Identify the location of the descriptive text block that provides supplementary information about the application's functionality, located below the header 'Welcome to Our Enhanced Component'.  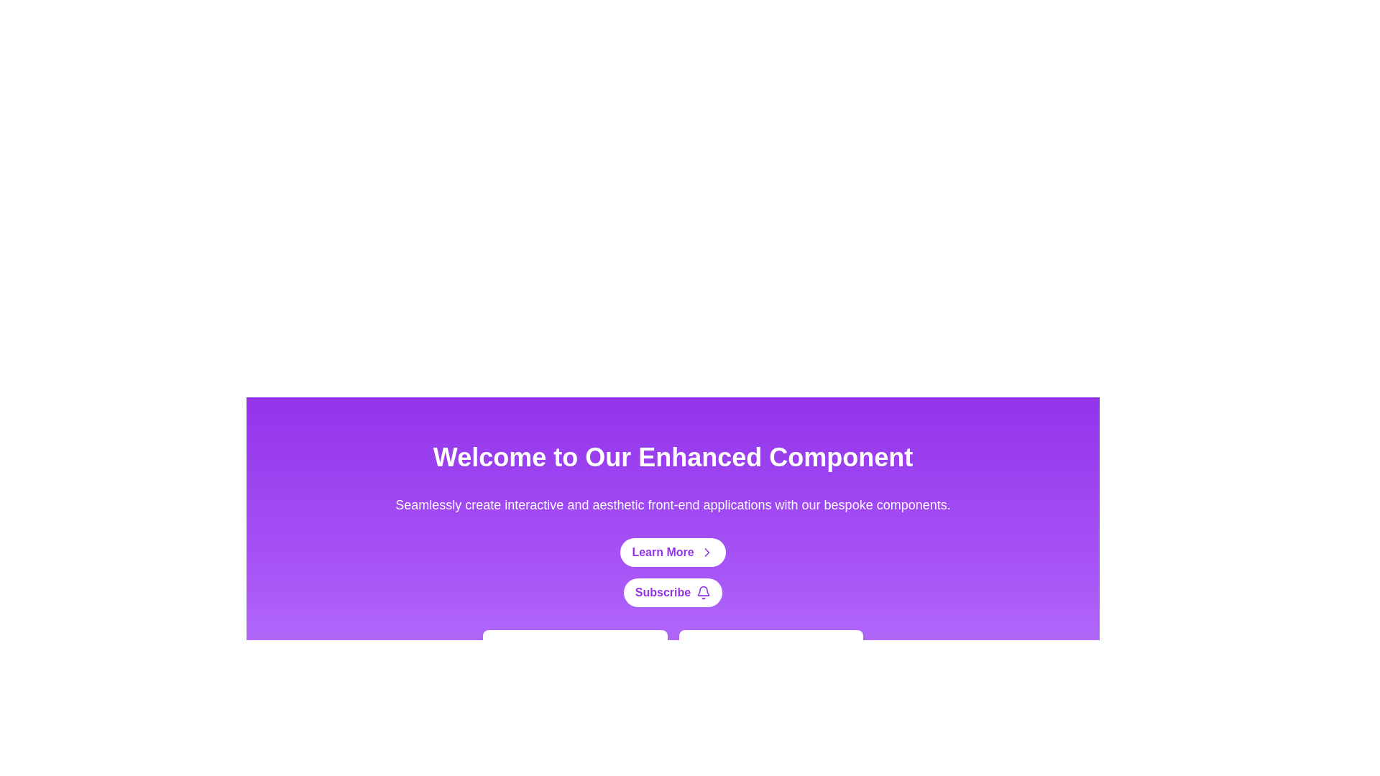
(672, 504).